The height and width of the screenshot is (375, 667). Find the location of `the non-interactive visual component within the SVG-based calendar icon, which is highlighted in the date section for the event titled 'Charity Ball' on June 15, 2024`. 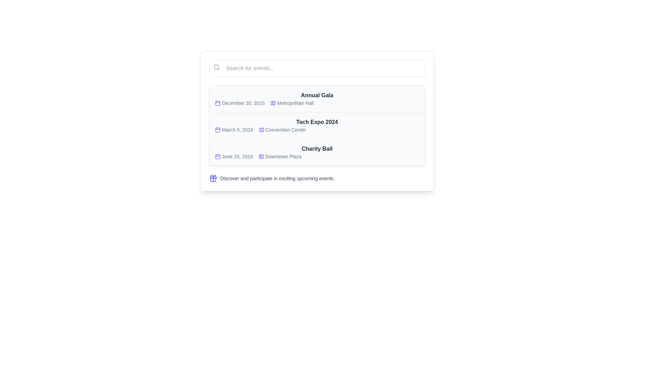

the non-interactive visual component within the SVG-based calendar icon, which is highlighted in the date section for the event titled 'Charity Ball' on June 15, 2024 is located at coordinates (217, 157).